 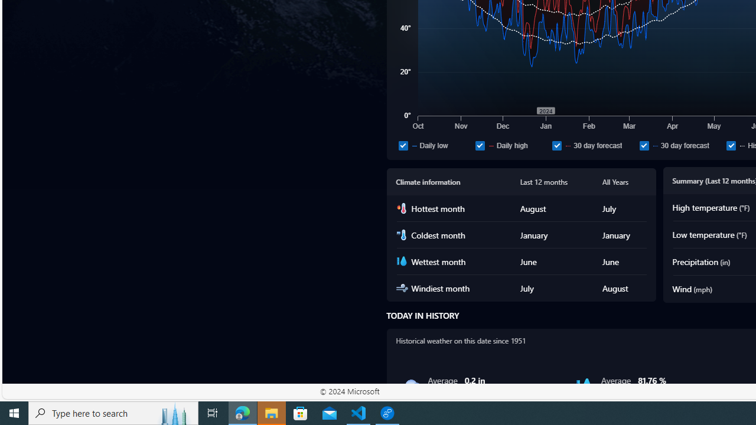 I want to click on 'Daily low', so click(x=403, y=145).